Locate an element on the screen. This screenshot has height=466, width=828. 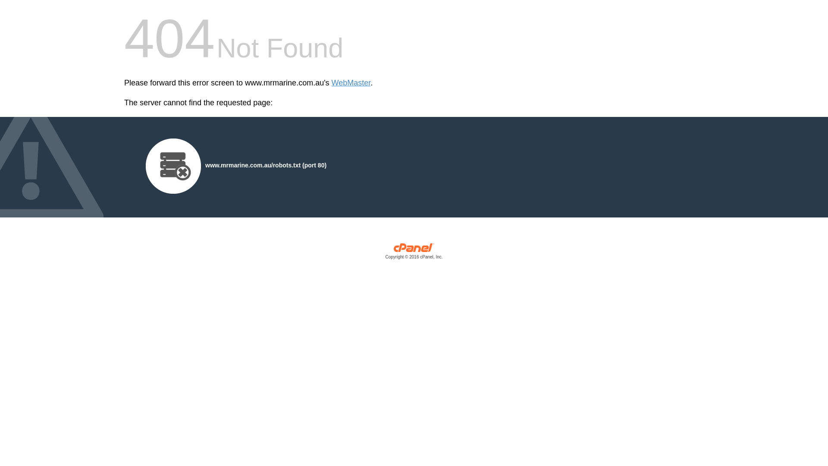
'WebMaster' is located at coordinates (351, 83).